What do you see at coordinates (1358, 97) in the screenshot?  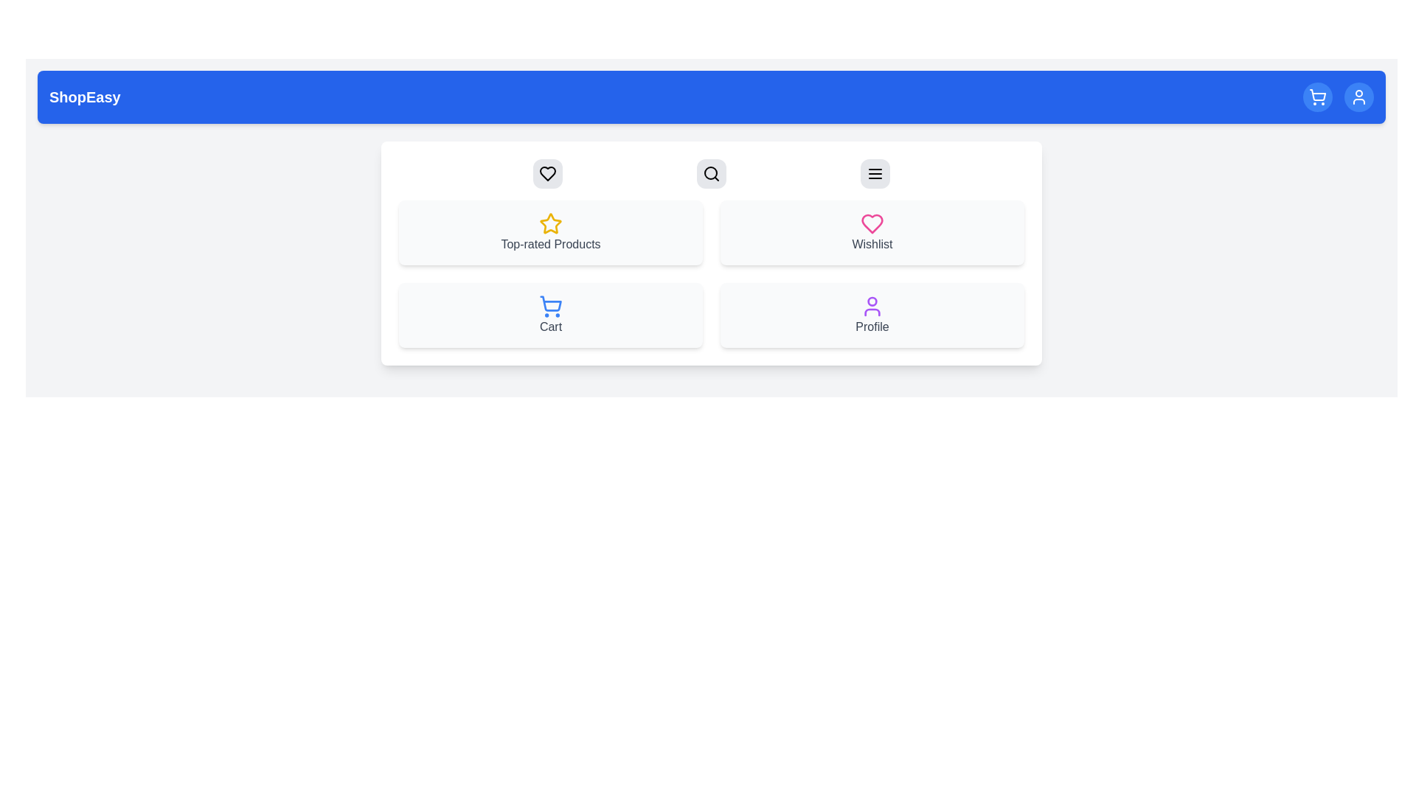 I see `the user profile icon button located at the top-right corner of the interface` at bounding box center [1358, 97].